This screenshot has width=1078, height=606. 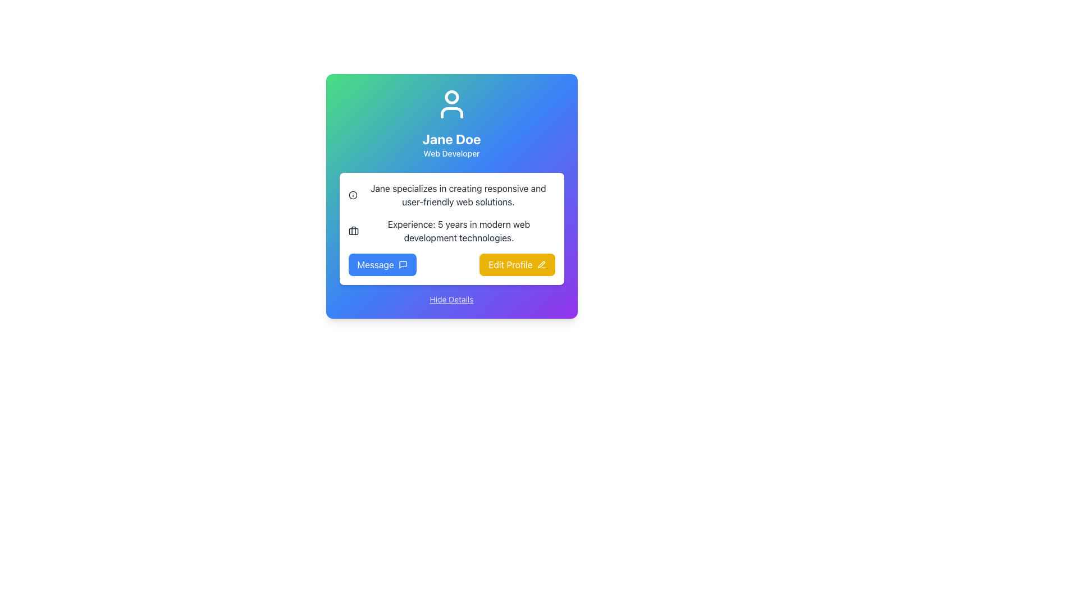 I want to click on the text element displaying 'Jane Doe', which is rendered in a bold font and is positioned directly below a user profile icon, so click(x=451, y=138).